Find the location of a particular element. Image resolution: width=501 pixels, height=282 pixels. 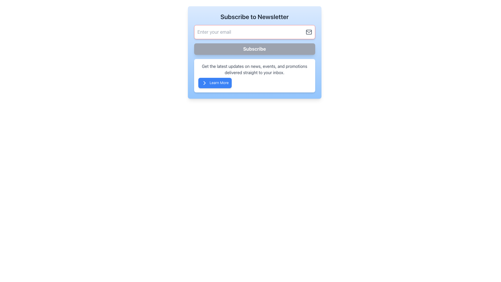

the 'Subscribe' button, which has a gray background and displays bold white uppercase text, located below the email input field within the 'Subscribe to Newsletter' section is located at coordinates (254, 49).